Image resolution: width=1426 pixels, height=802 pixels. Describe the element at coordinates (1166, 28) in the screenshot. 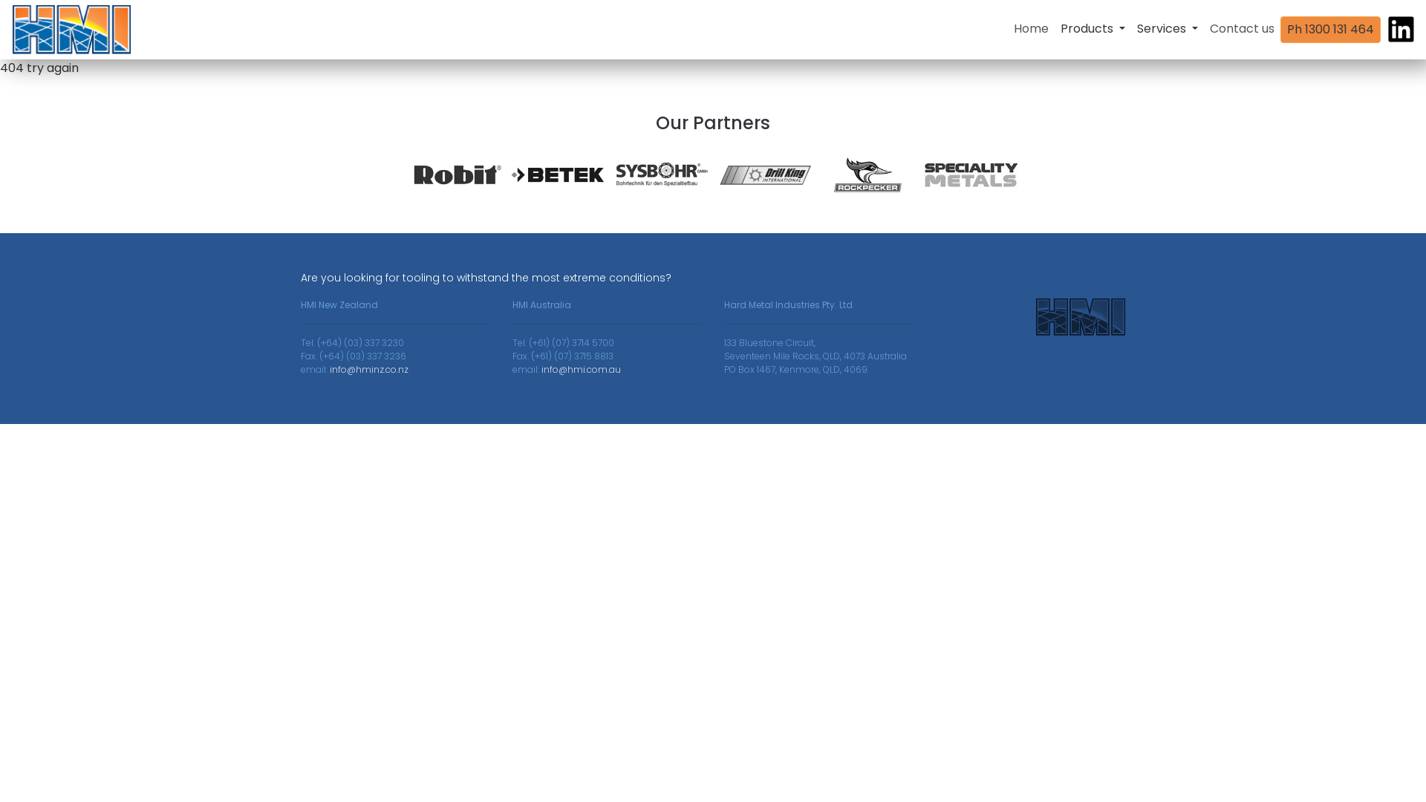

I see `'Services'` at that location.